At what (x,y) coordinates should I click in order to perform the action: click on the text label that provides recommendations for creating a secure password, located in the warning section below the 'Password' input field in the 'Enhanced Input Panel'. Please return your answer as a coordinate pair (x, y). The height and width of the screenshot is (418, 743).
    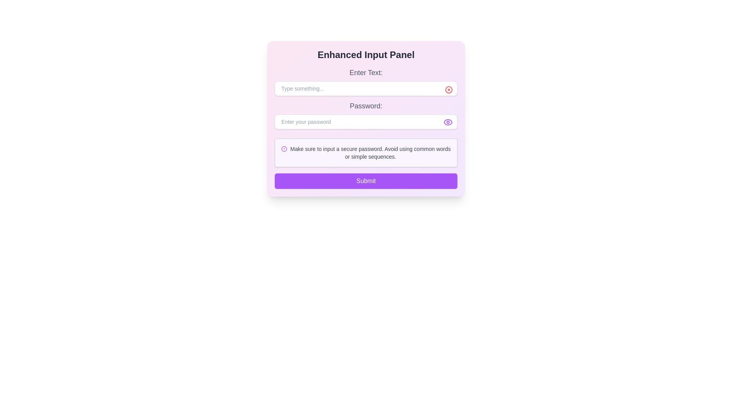
    Looking at the image, I should click on (370, 152).